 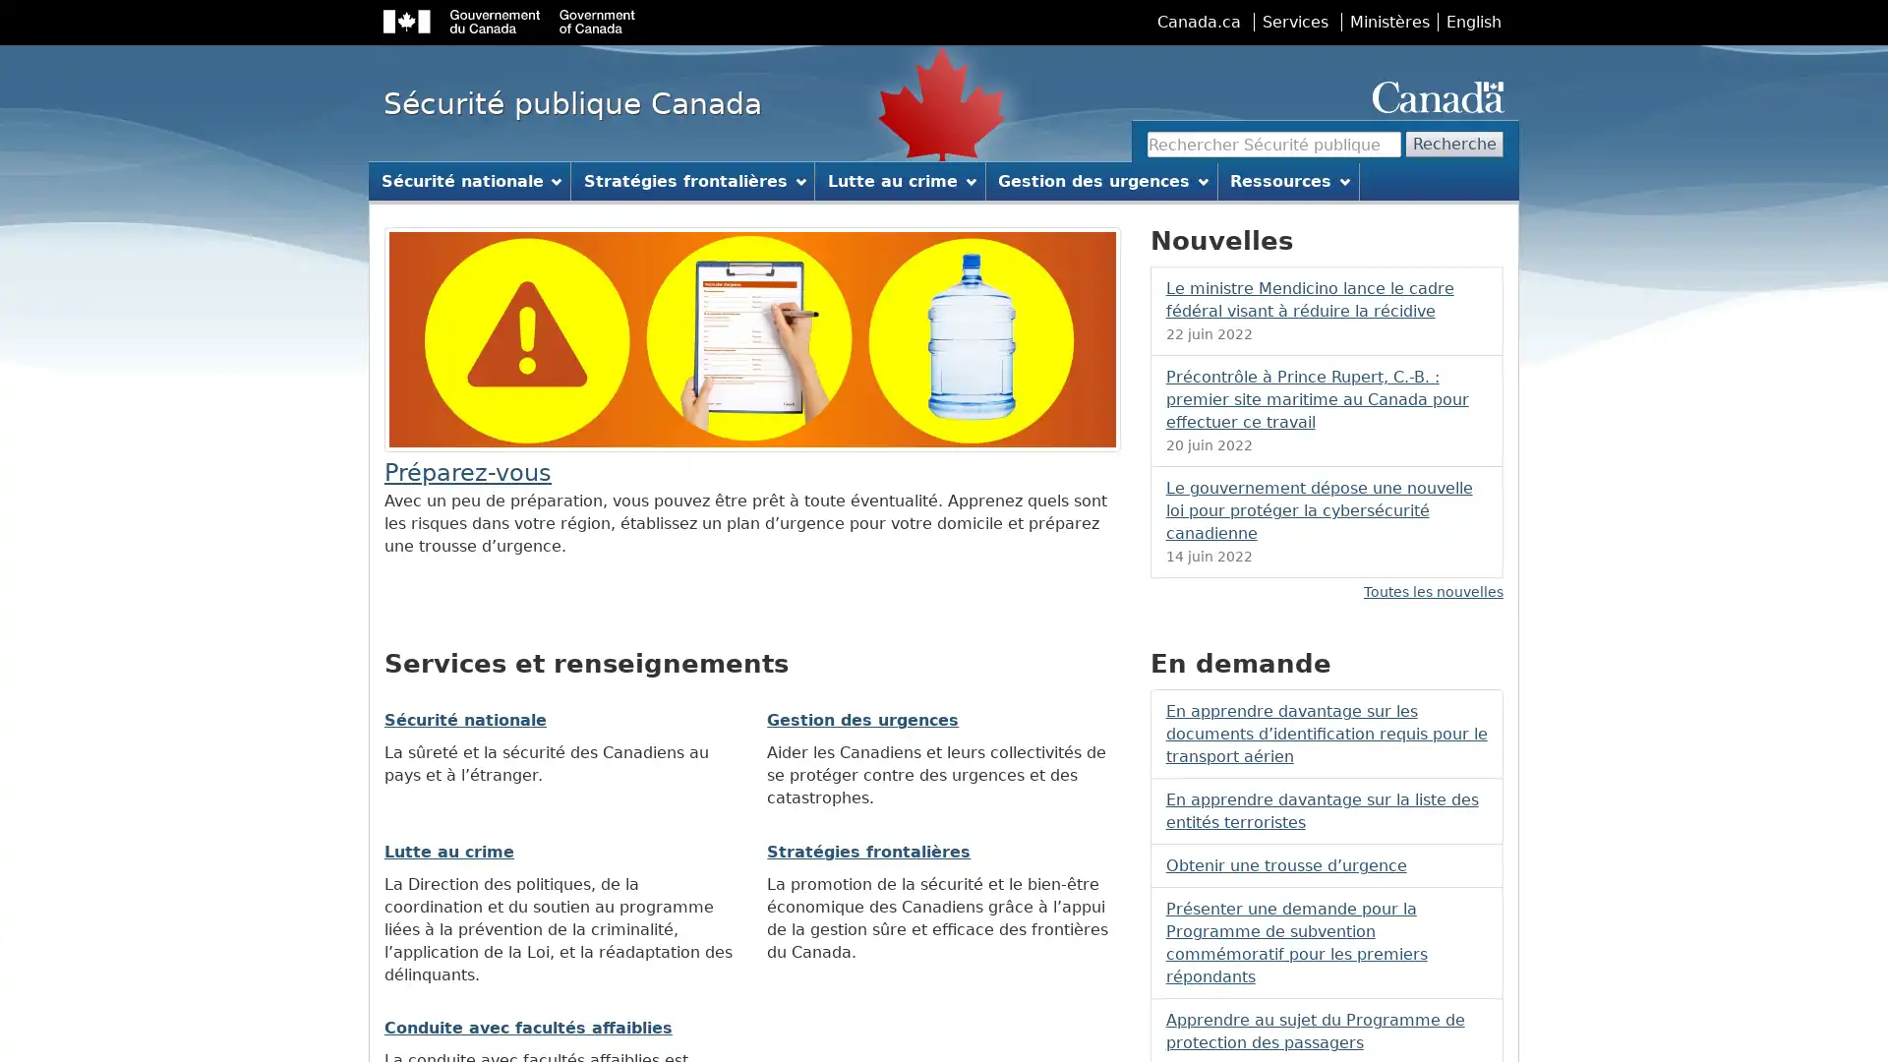 What do you see at coordinates (1454, 143) in the screenshot?
I see `Recherche` at bounding box center [1454, 143].